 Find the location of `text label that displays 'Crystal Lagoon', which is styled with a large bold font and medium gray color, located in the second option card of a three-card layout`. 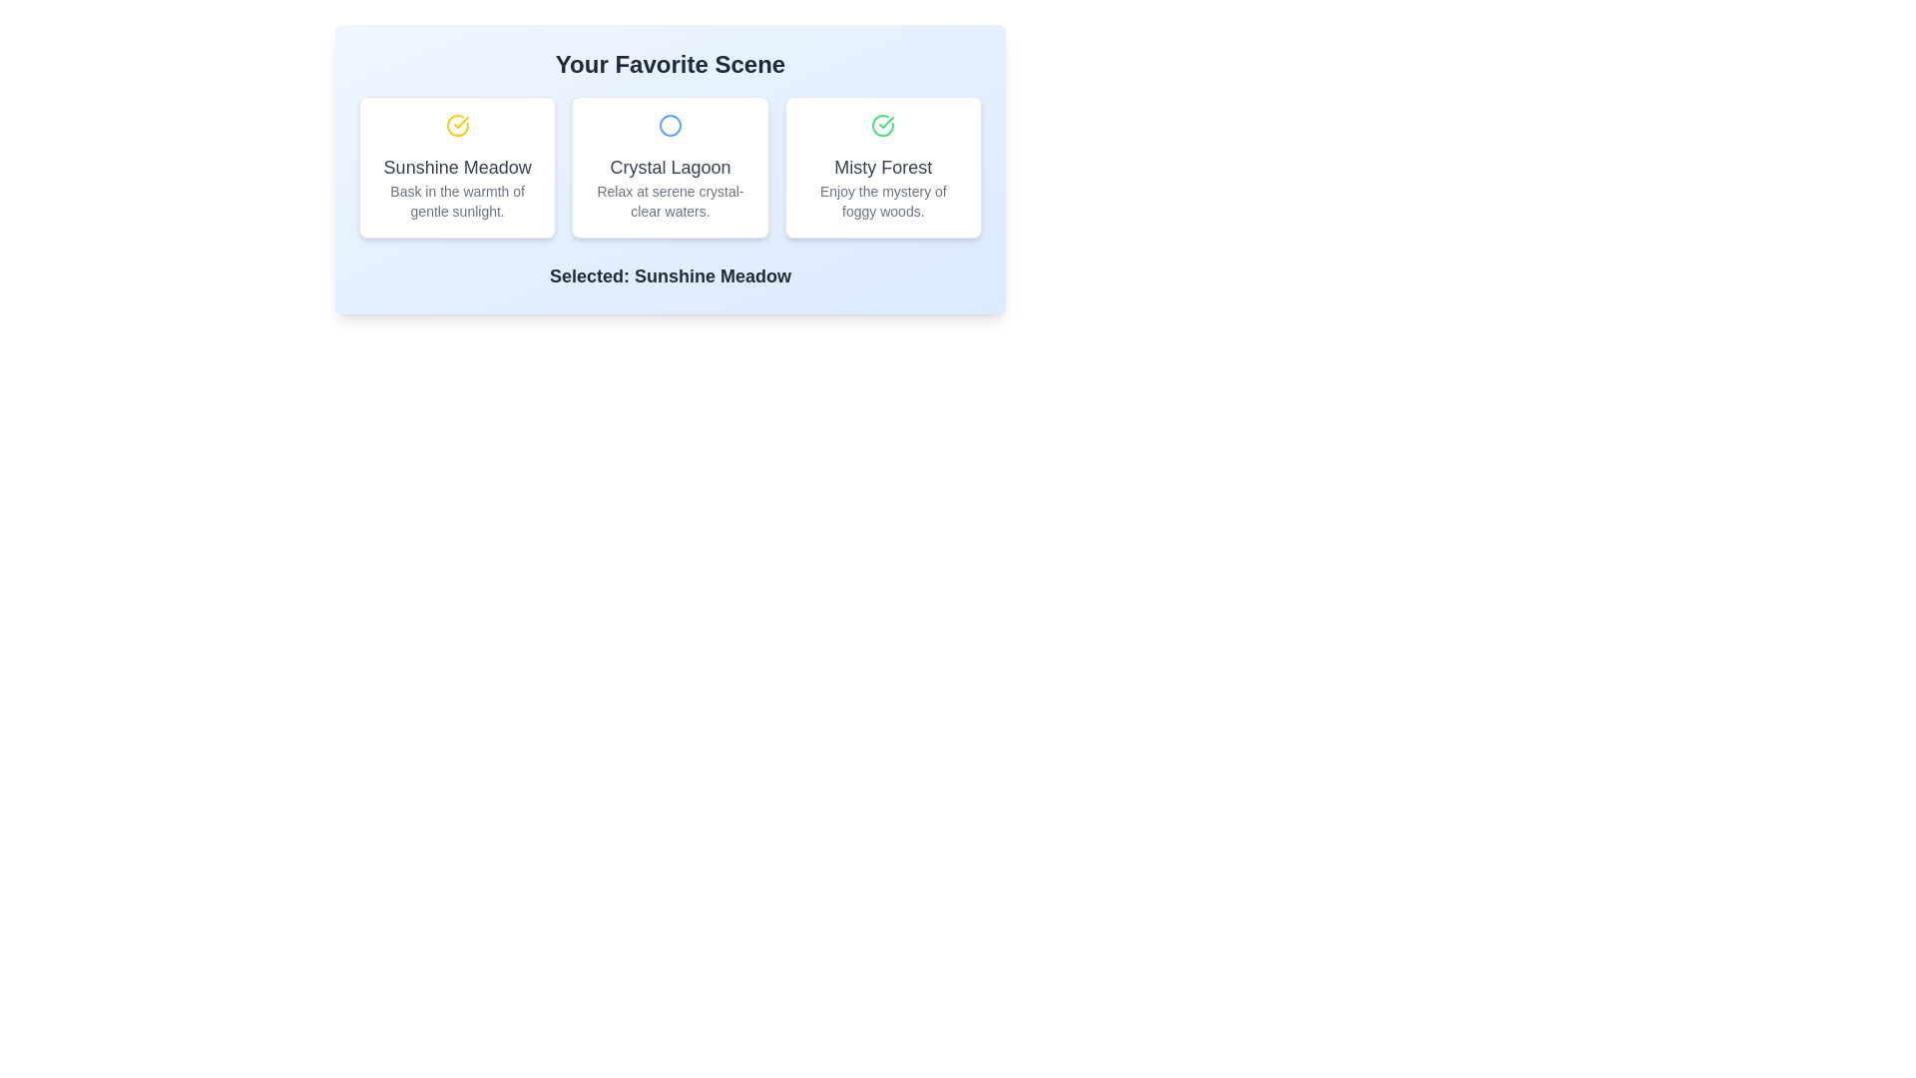

text label that displays 'Crystal Lagoon', which is styled with a large bold font and medium gray color, located in the second option card of a three-card layout is located at coordinates (671, 167).